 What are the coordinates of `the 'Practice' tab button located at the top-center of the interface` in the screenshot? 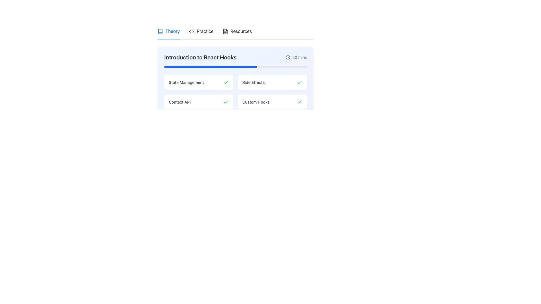 It's located at (204, 31).